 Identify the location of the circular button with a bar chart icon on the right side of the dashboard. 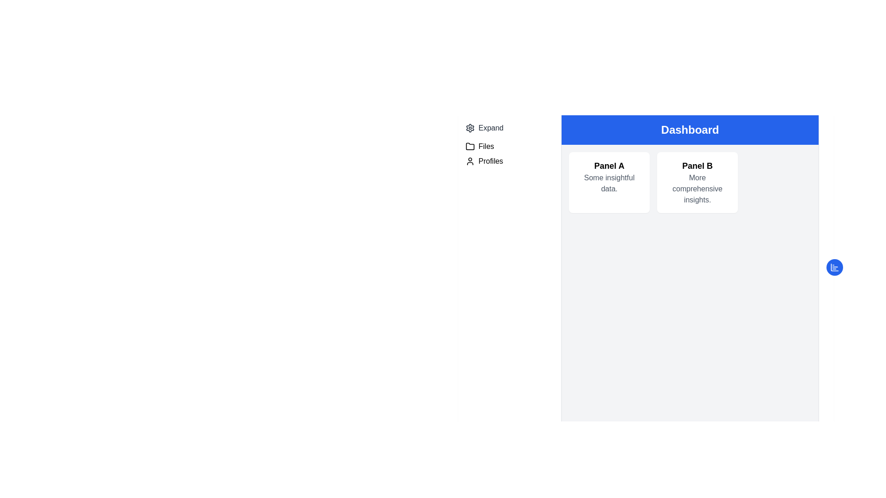
(835, 267).